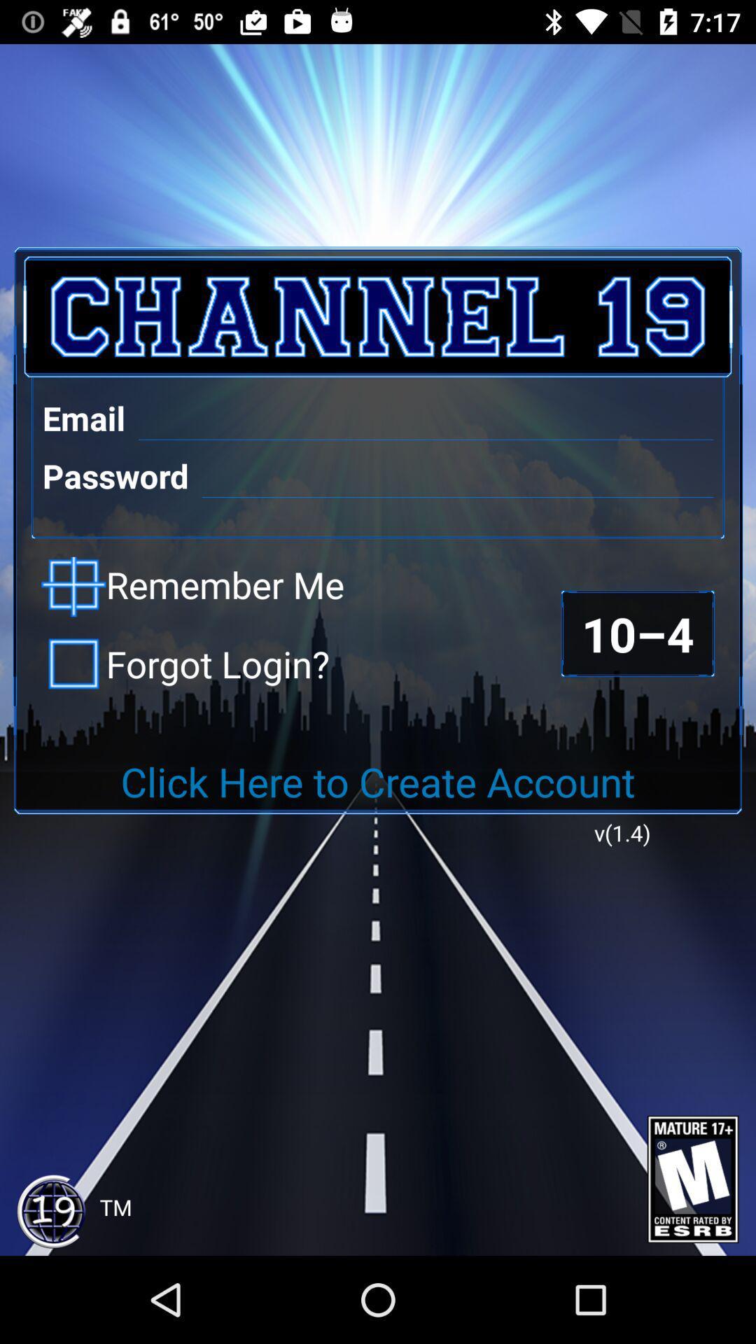 The height and width of the screenshot is (1344, 756). Describe the element at coordinates (638, 633) in the screenshot. I see `item above click here to item` at that location.